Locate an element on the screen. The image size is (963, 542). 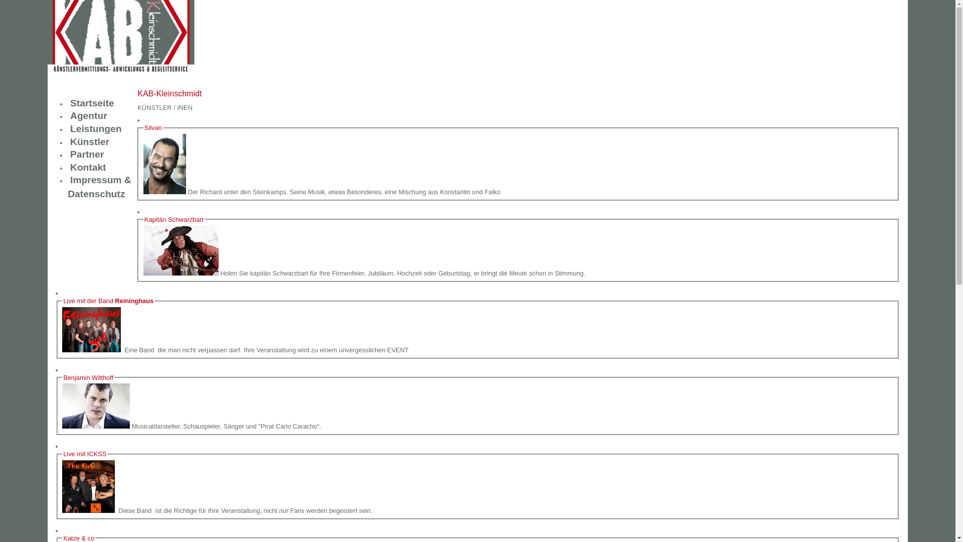
'Leistungen' is located at coordinates (96, 128).